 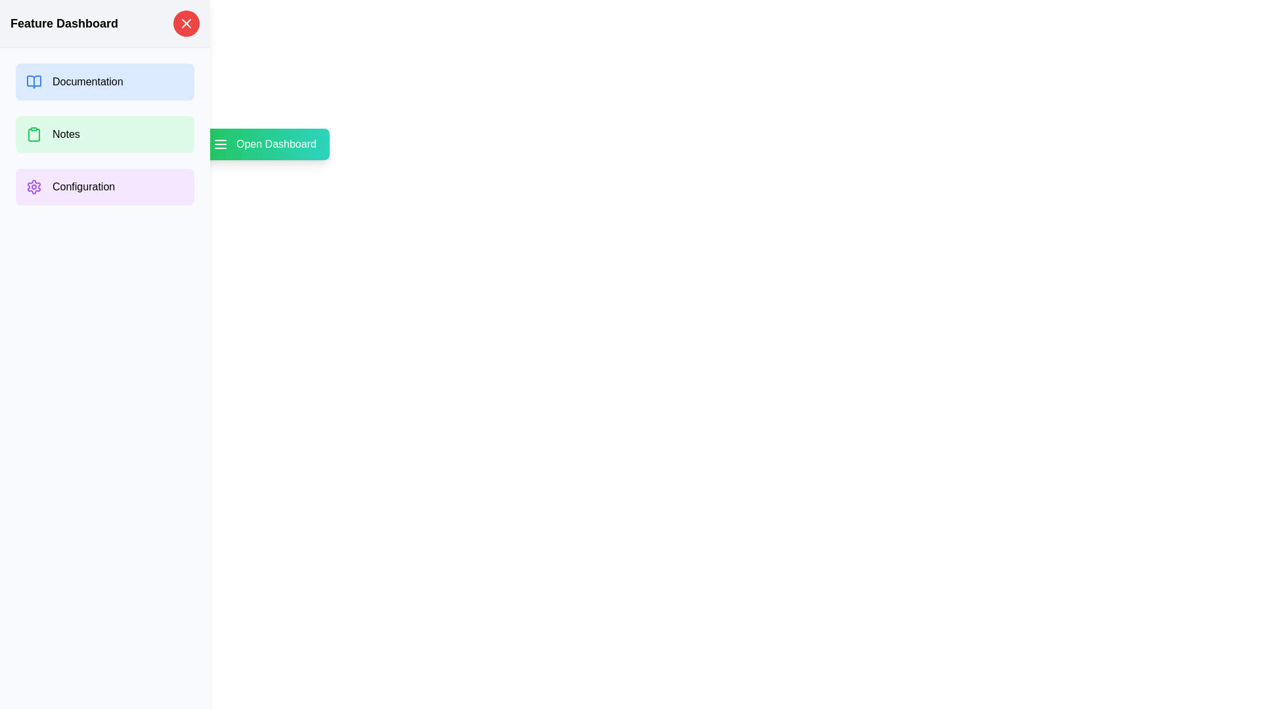 What do you see at coordinates (263, 144) in the screenshot?
I see `the button labeled 'Open Dashboard' to observe its hover effect` at bounding box center [263, 144].